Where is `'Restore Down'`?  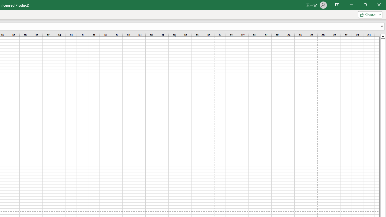
'Restore Down' is located at coordinates (365, 5).